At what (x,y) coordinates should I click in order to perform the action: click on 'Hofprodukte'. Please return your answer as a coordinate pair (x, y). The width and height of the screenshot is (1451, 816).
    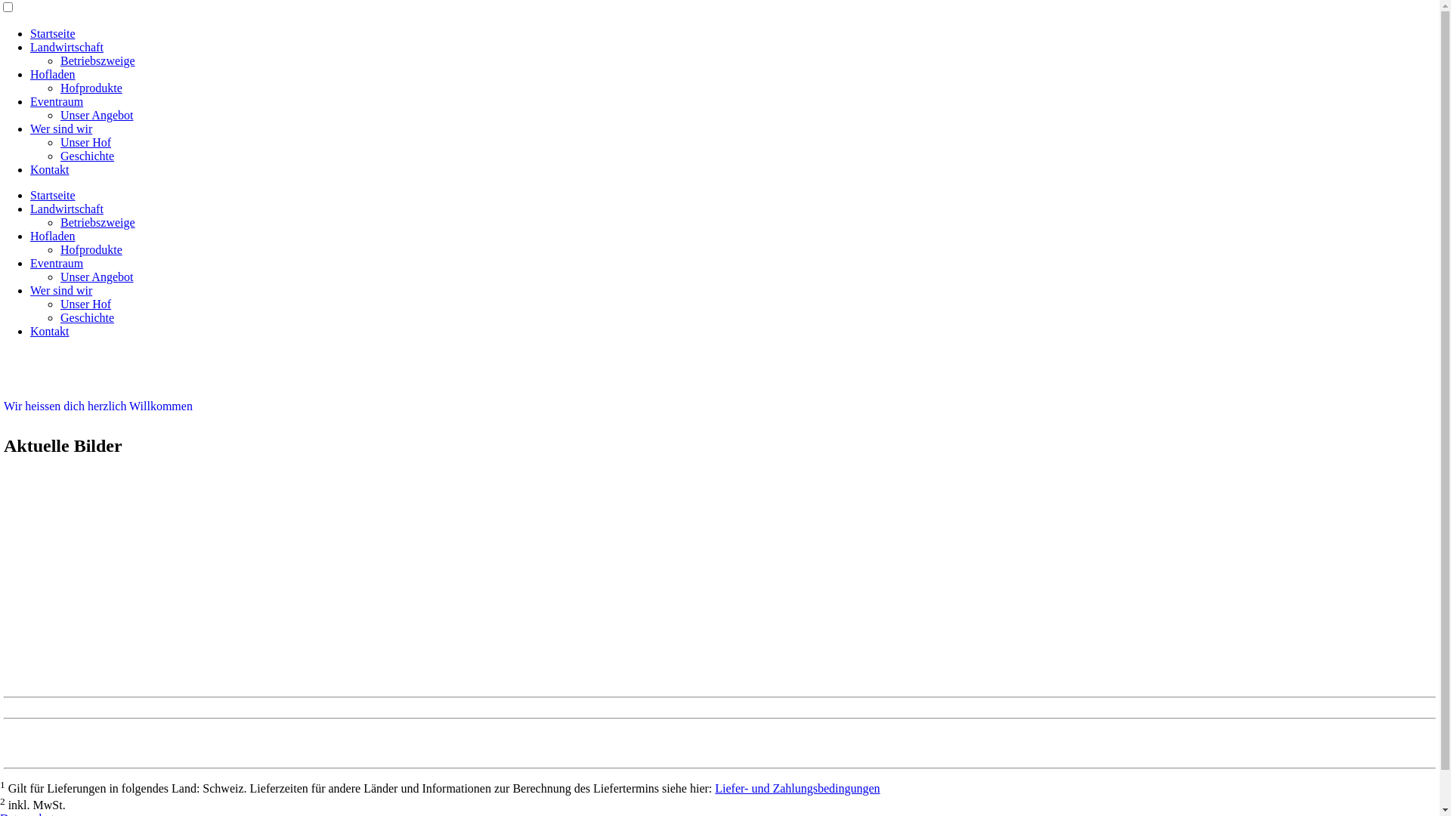
    Looking at the image, I should click on (90, 88).